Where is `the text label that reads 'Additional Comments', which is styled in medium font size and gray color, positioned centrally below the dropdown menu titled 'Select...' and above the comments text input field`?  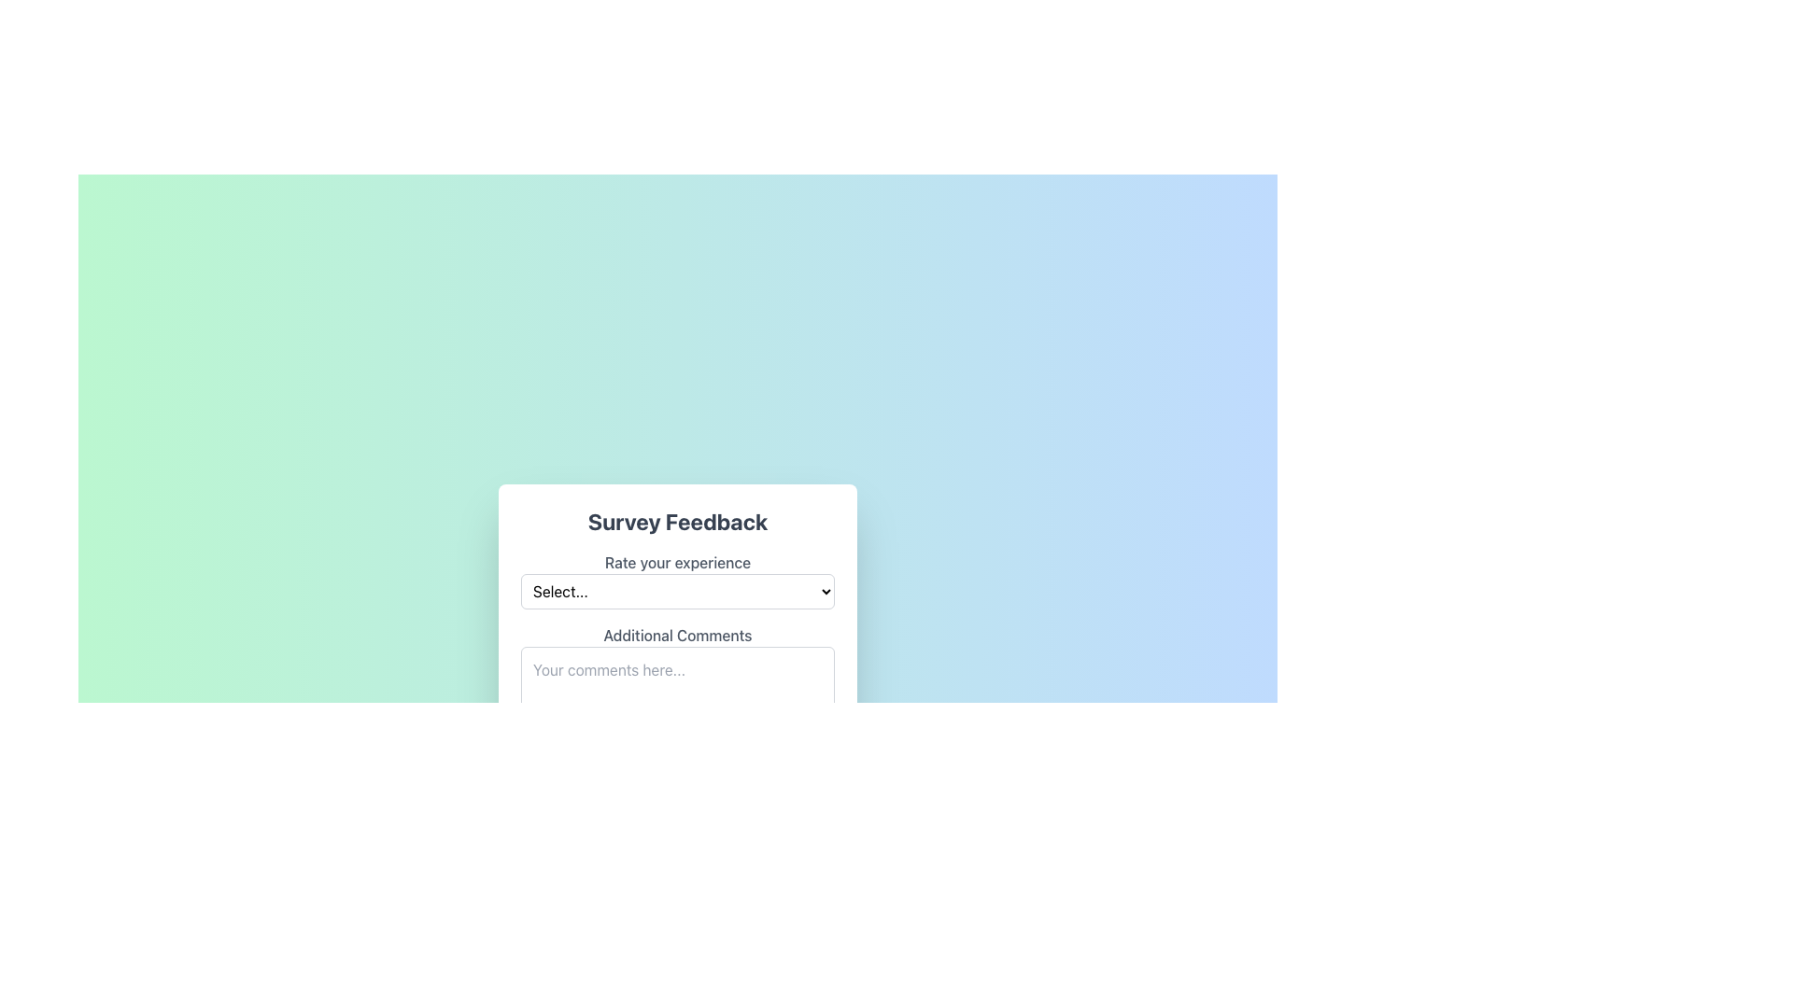 the text label that reads 'Additional Comments', which is styled in medium font size and gray color, positioned centrally below the dropdown menu titled 'Select...' and above the comments text input field is located at coordinates (676, 635).